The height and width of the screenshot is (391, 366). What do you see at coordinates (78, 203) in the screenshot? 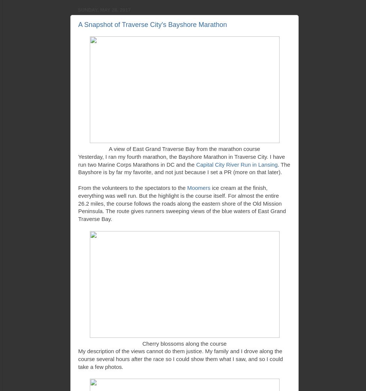
I see `'ice cream at the finish, everything was well run. But the highlight is the course itself. For almost the entire 26.2 miles, the course follows the roads along the eastern shore of the Old Mission Peninsula. The route gives runners sweeping views of the blue waters of East Grand Traverse Bay.'` at bounding box center [78, 203].